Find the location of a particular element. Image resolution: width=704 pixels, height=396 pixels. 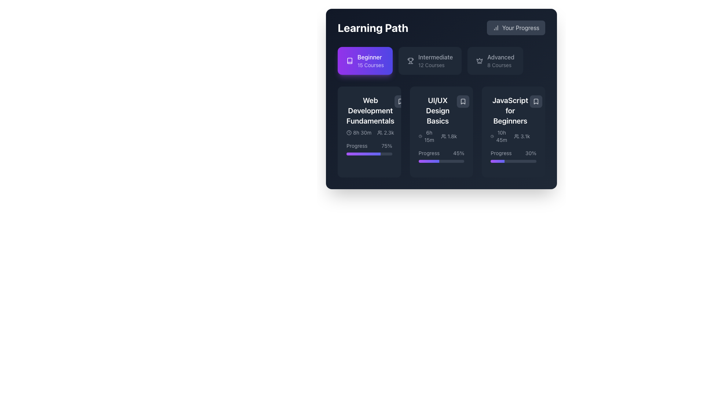

the button labeled 'Beginner 15 Courses' which features a book icon and has a gradient purple-to-indigo background is located at coordinates (349, 60).